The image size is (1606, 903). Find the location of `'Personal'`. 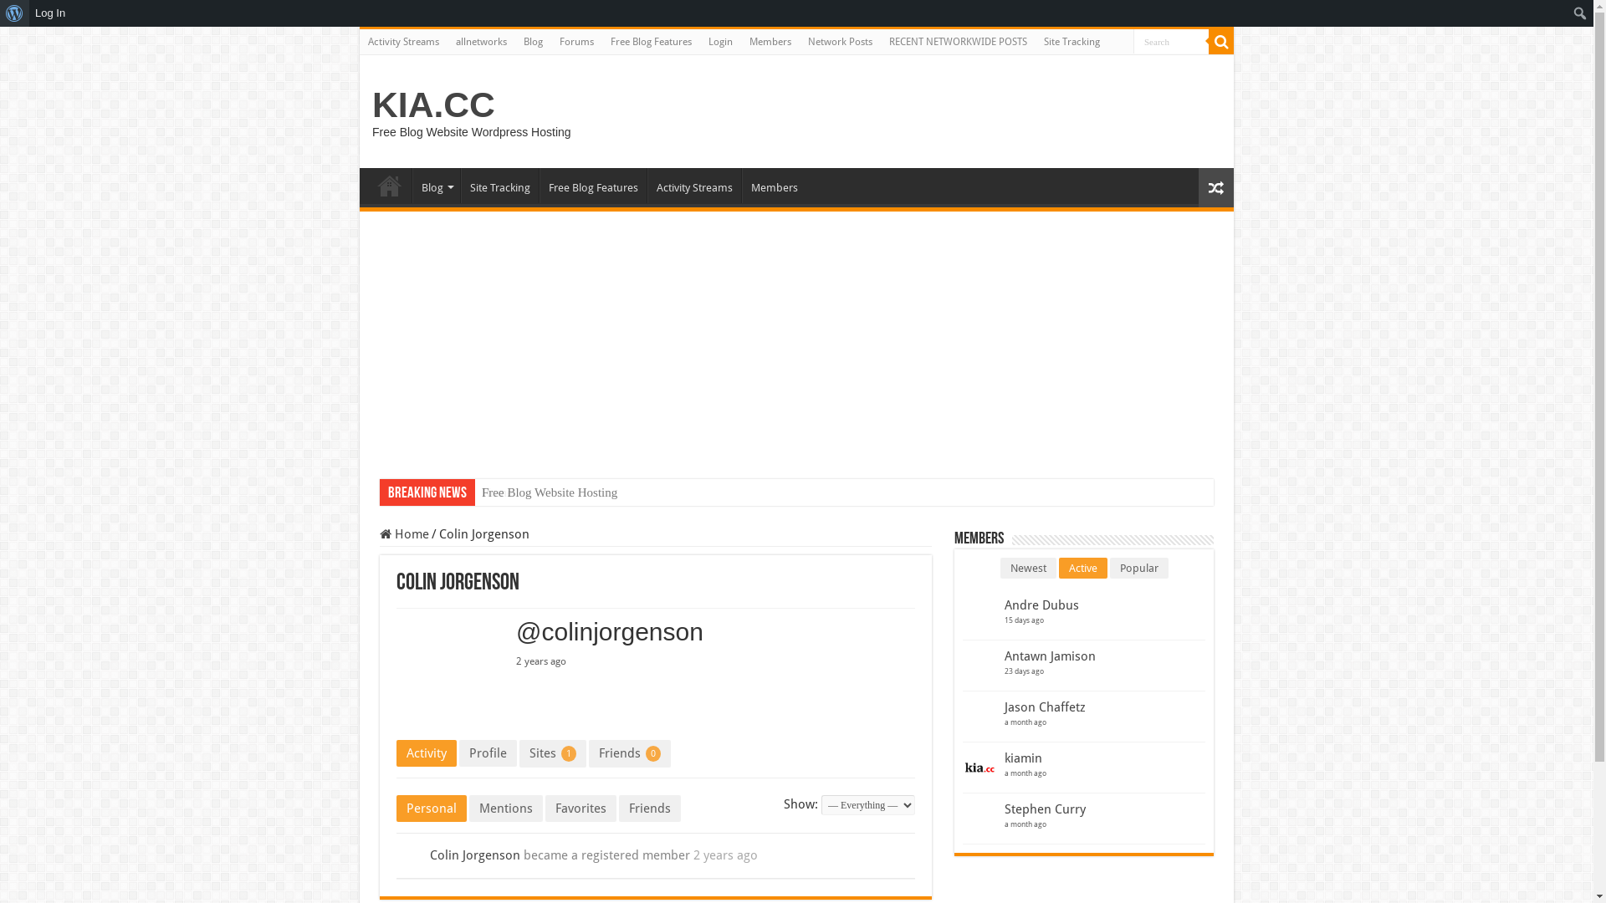

'Personal' is located at coordinates (432, 808).